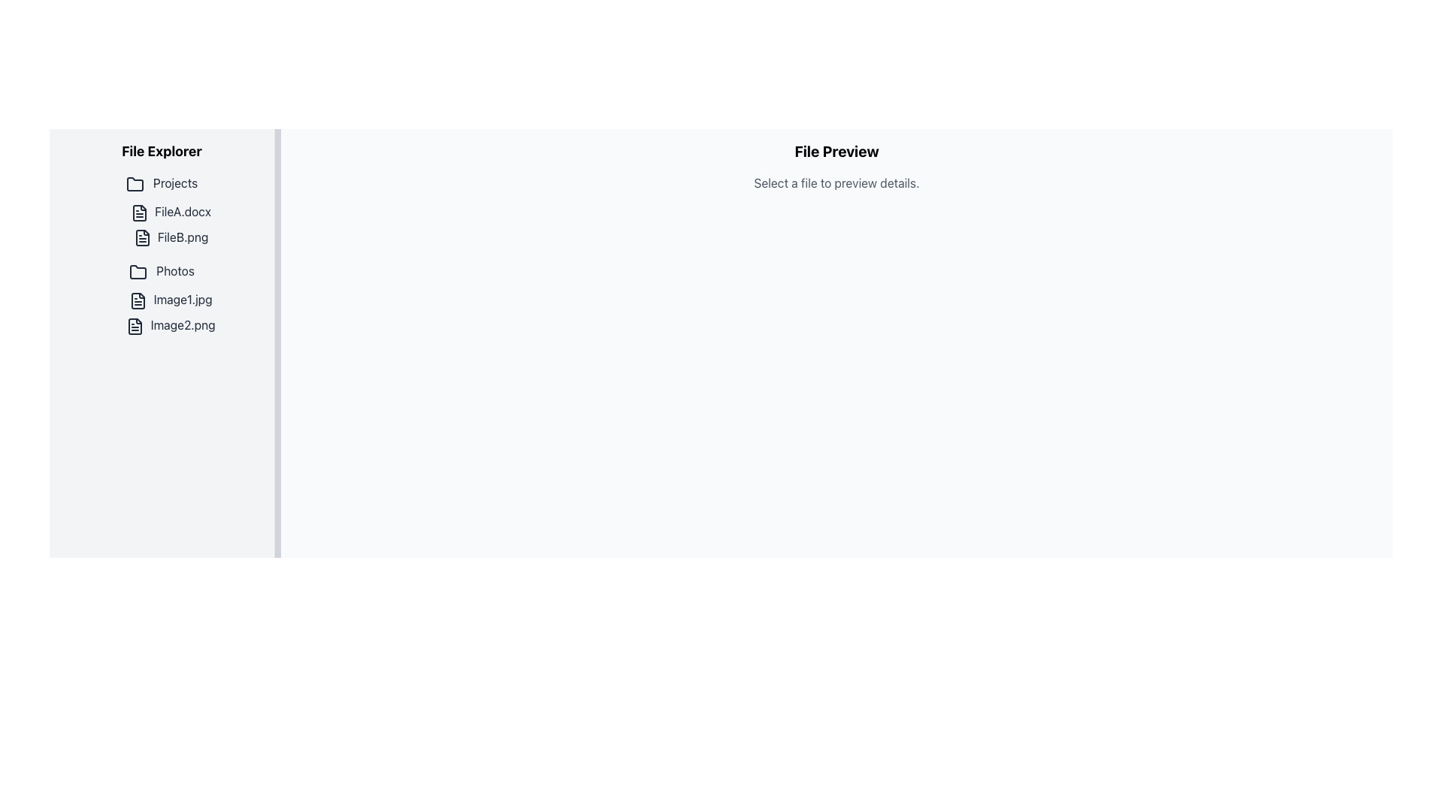 The image size is (1443, 811). I want to click on the list item labeled 'Image1.jpg' with a file icon, so click(171, 300).